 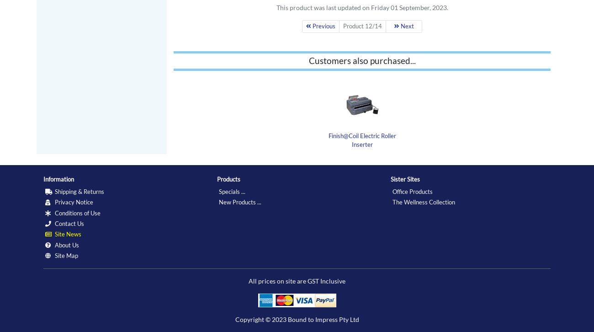 I want to click on 'About Us', so click(x=53, y=244).